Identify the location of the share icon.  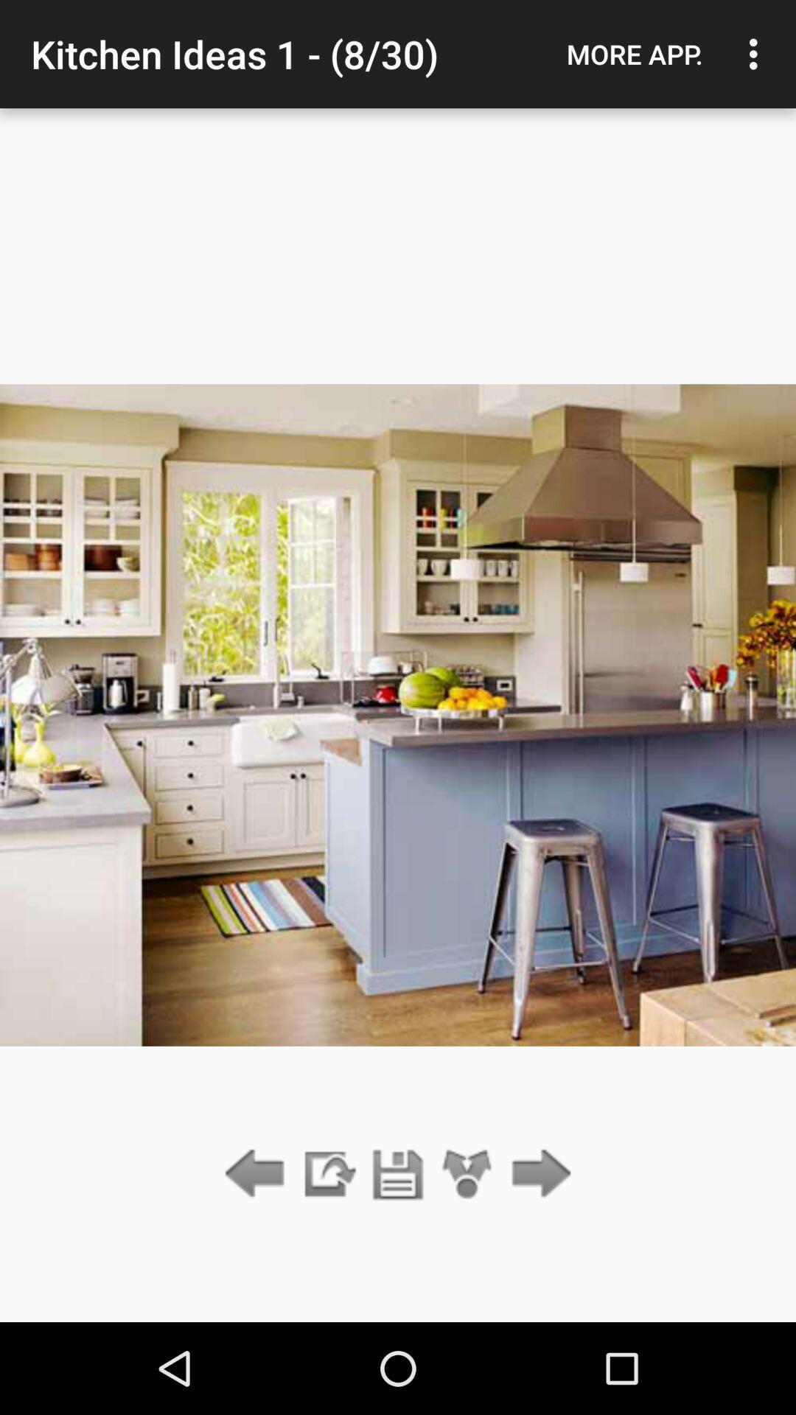
(467, 1174).